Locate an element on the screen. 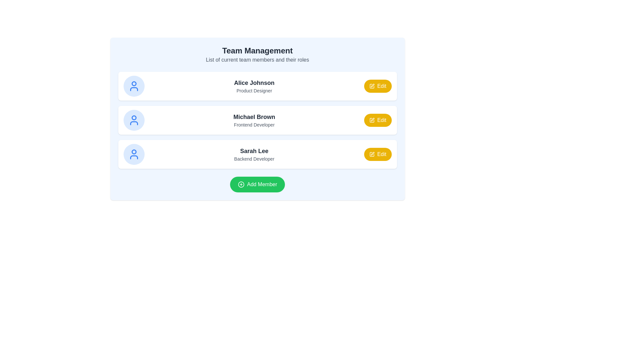  the Edit Pen Icon located in the second row next to the user entry for 'Michael Brown' to initiate the edit action is located at coordinates (372, 120).